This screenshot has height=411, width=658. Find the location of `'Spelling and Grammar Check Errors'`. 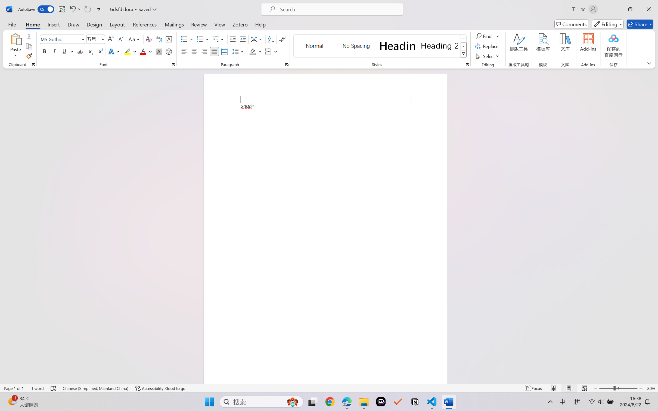

'Spelling and Grammar Check Errors' is located at coordinates (54, 388).